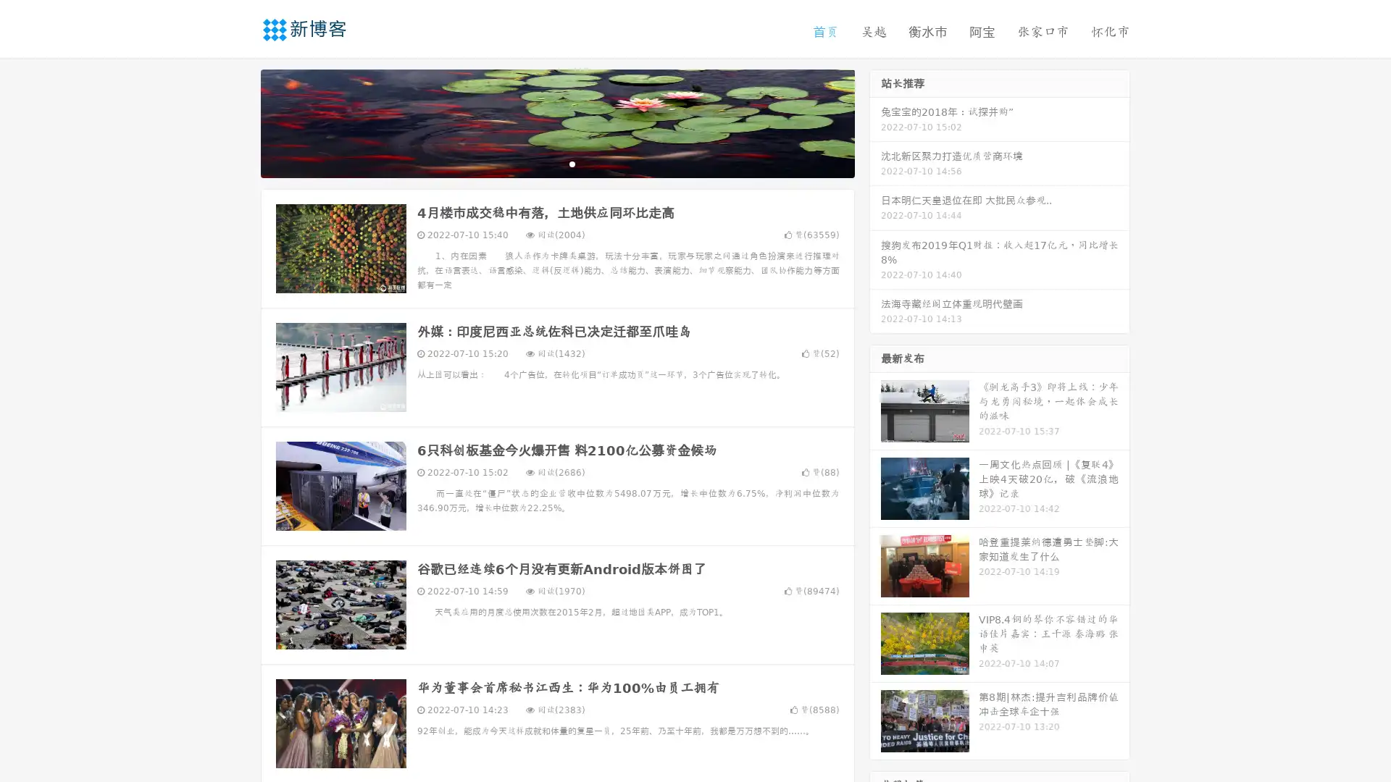 This screenshot has width=1391, height=782. Describe the element at coordinates (542, 163) in the screenshot. I see `Go to slide 1` at that location.